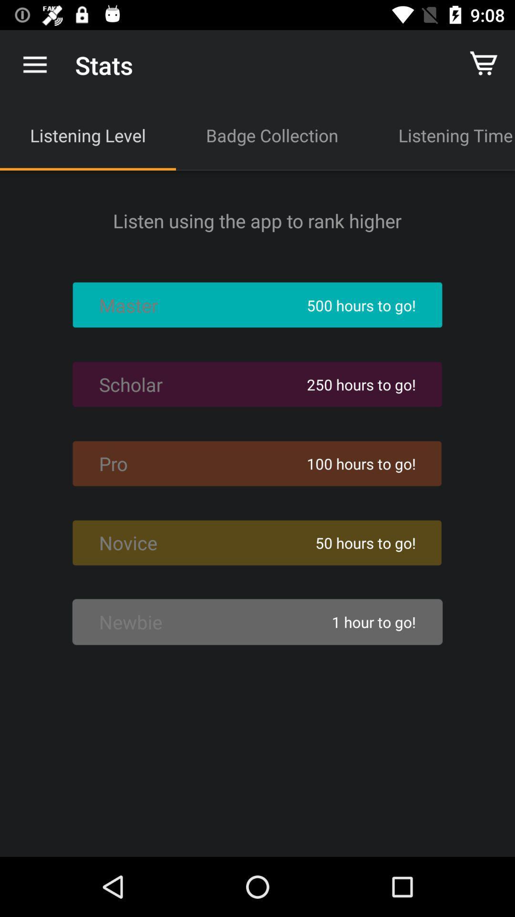  I want to click on icon next to the listening level icon, so click(272, 135).